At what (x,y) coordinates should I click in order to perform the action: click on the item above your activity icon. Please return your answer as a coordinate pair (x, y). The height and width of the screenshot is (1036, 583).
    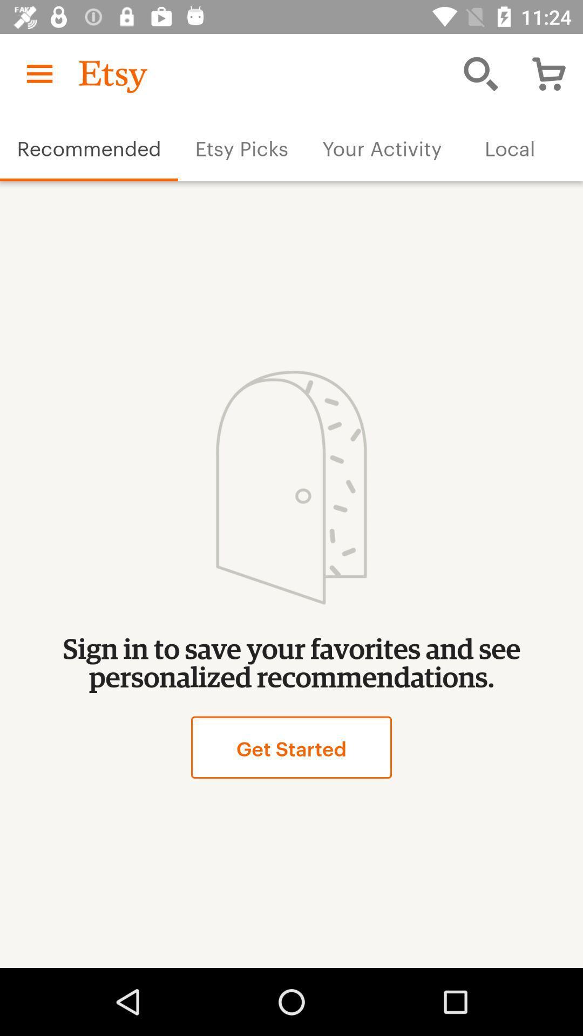
    Looking at the image, I should click on (480, 73).